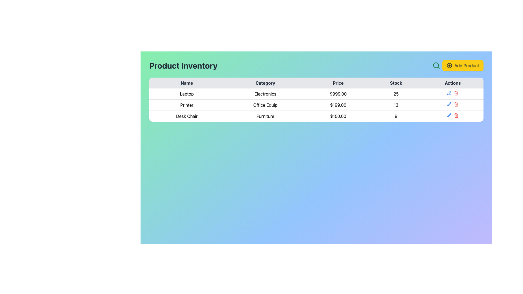 The image size is (523, 294). Describe the element at coordinates (449, 65) in the screenshot. I see `the SVG circle icon within the 'Add Product' button located at the top-right corner of the page to view context options` at that location.